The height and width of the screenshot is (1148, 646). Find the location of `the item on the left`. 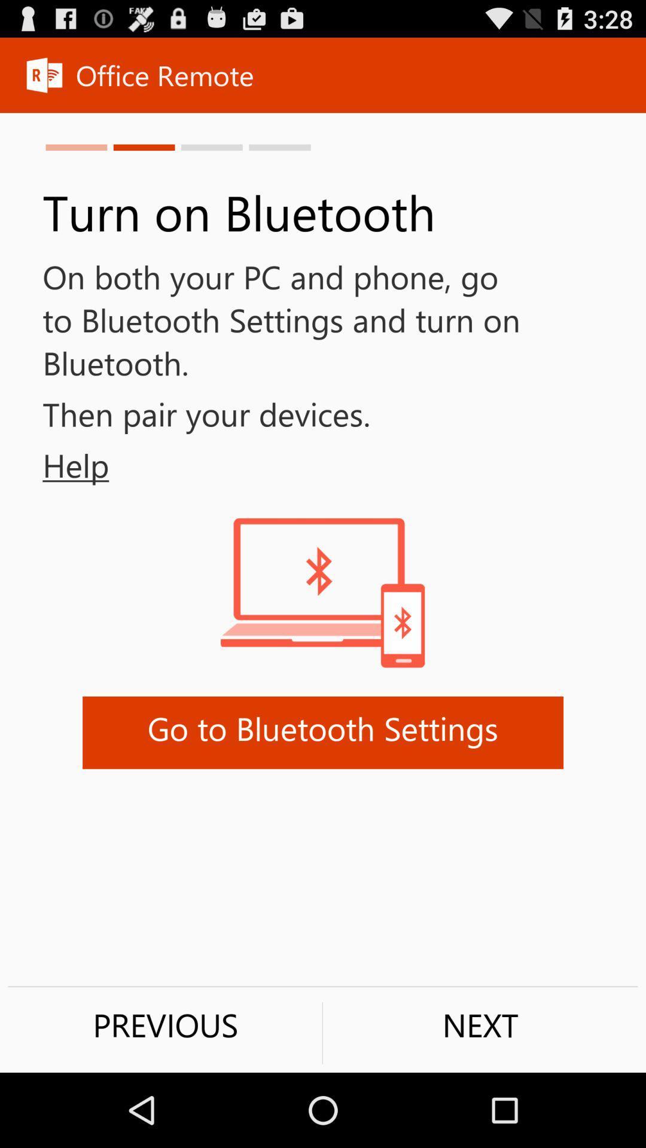

the item on the left is located at coordinates (54, 465).